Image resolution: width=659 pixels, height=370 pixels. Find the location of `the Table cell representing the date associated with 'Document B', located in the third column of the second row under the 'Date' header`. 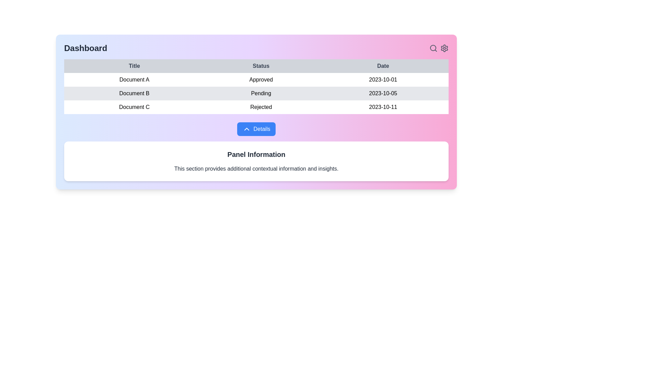

the Table cell representing the date associated with 'Document B', located in the third column of the second row under the 'Date' header is located at coordinates (383, 94).